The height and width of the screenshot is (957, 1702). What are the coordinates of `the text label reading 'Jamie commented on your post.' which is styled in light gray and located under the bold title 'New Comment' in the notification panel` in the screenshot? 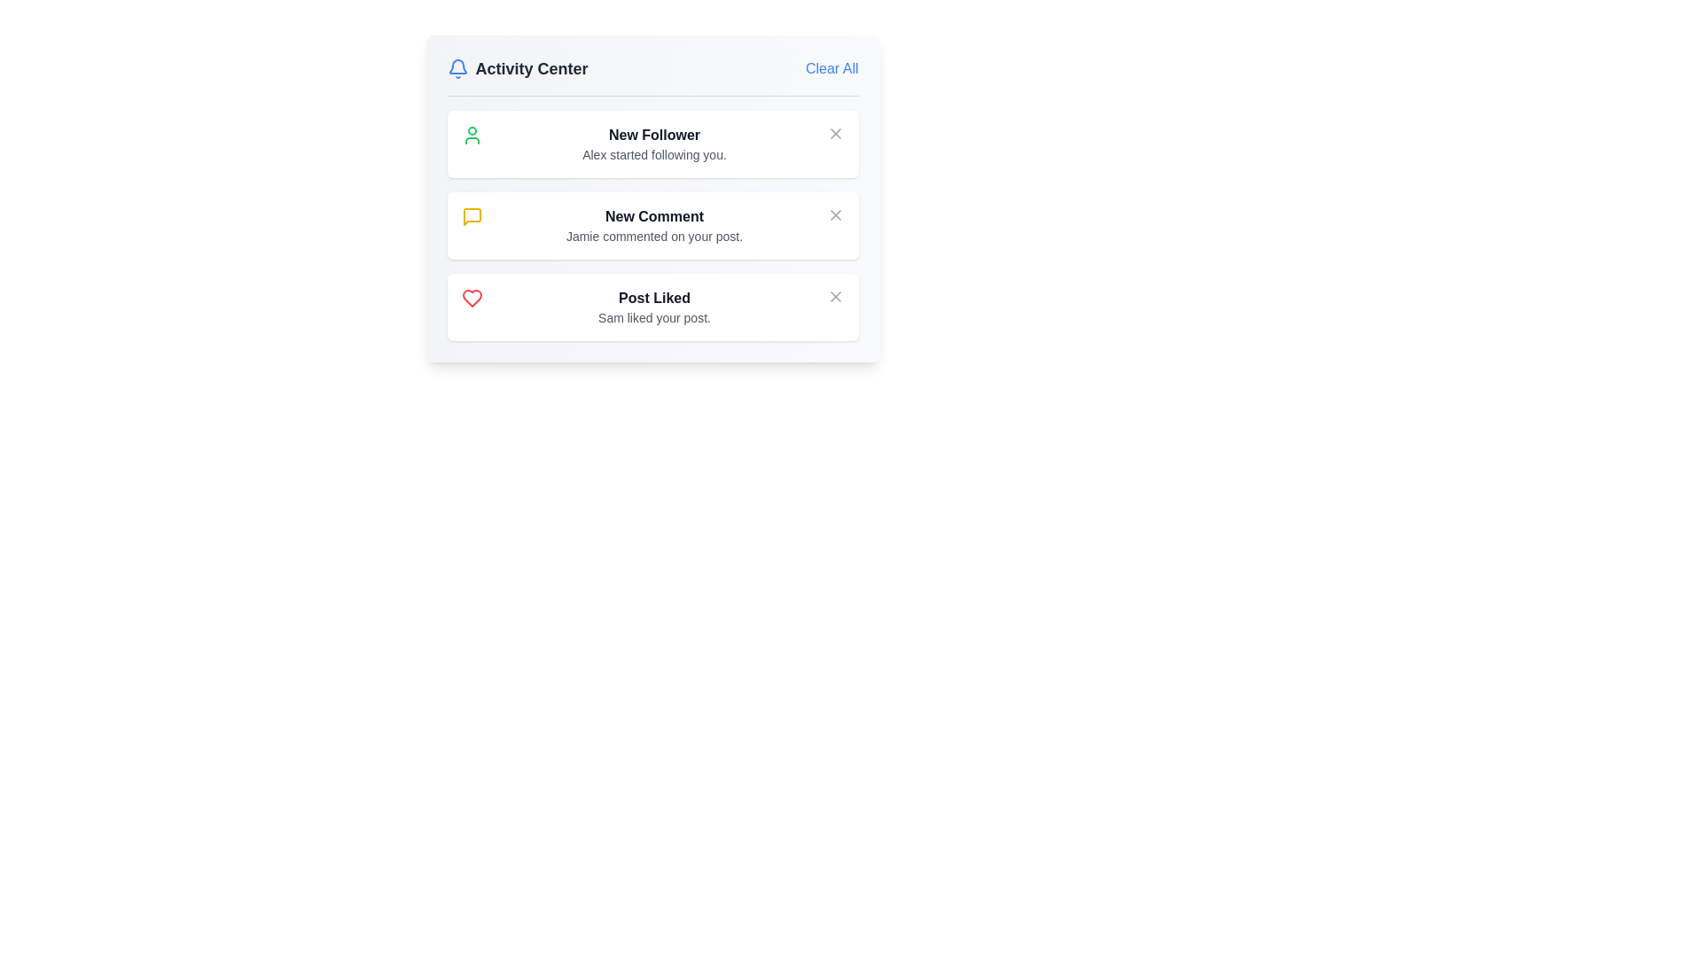 It's located at (653, 235).